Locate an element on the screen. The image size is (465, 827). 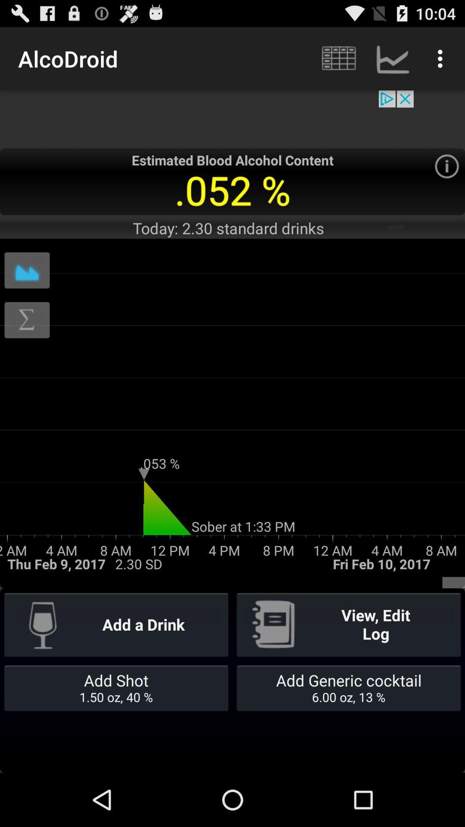
formula is located at coordinates (26, 320).